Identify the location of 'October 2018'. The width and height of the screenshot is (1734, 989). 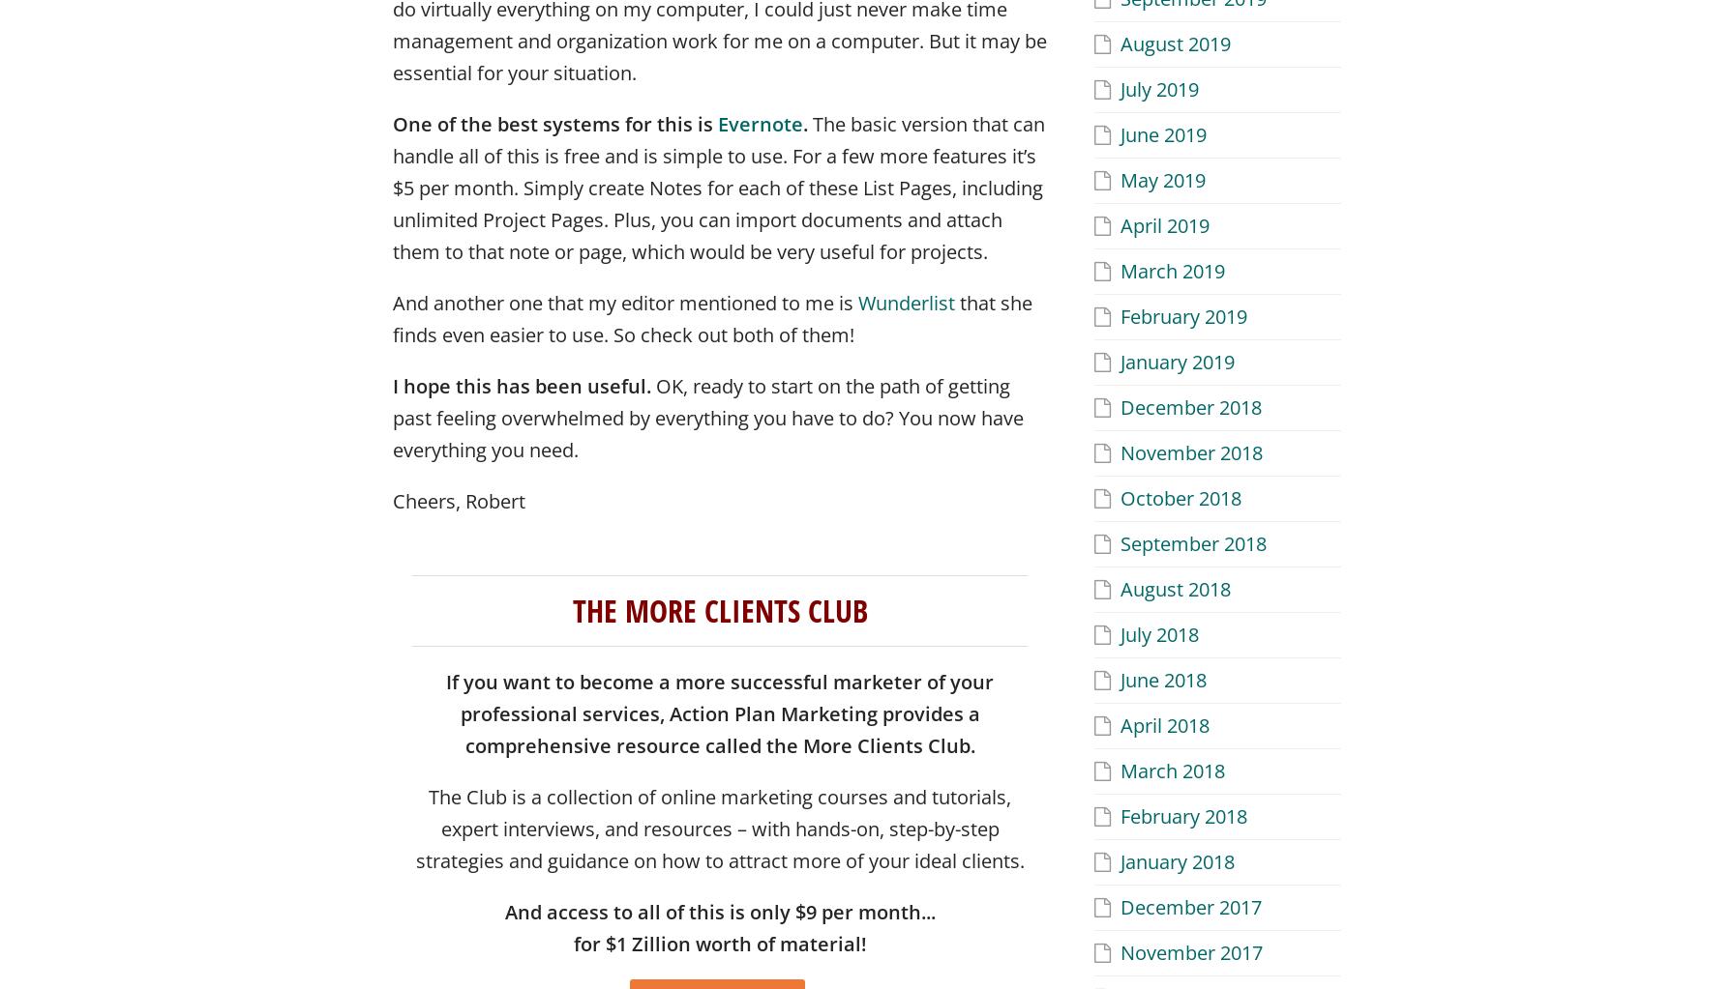
(1181, 496).